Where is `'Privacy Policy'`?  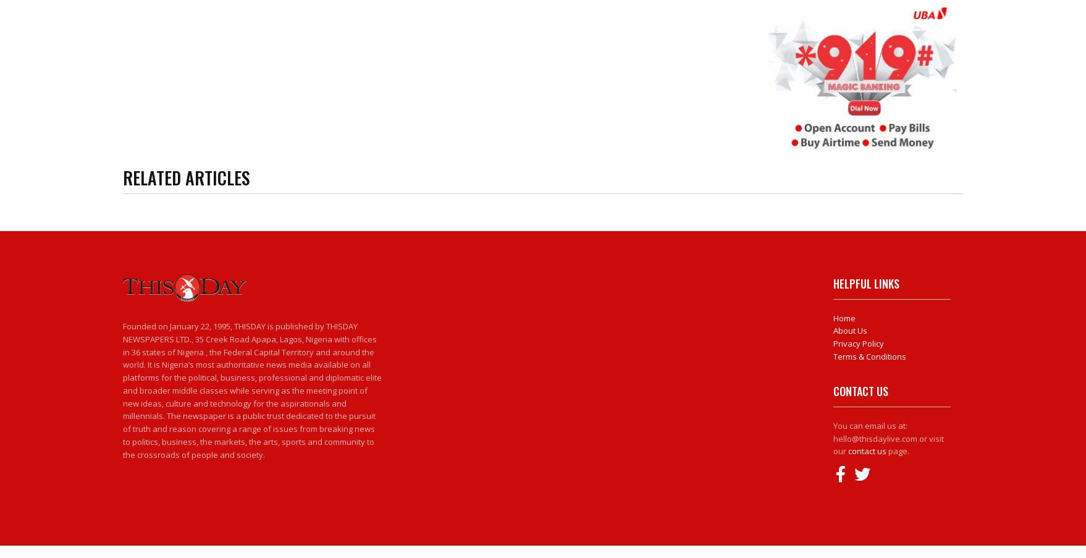
'Privacy Policy' is located at coordinates (858, 342).